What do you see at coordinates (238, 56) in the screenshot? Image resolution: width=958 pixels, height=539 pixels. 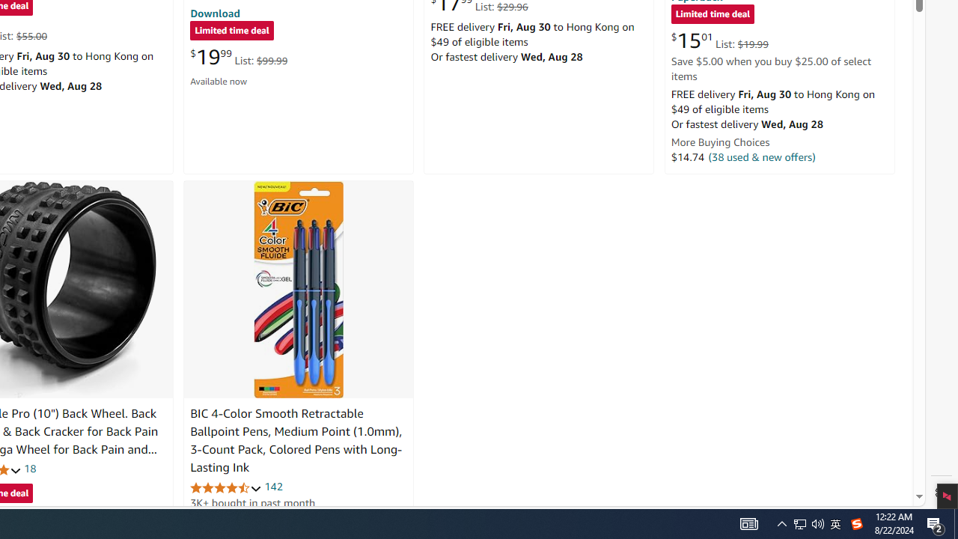 I see `'$19.99 List: $99.99'` at bounding box center [238, 56].